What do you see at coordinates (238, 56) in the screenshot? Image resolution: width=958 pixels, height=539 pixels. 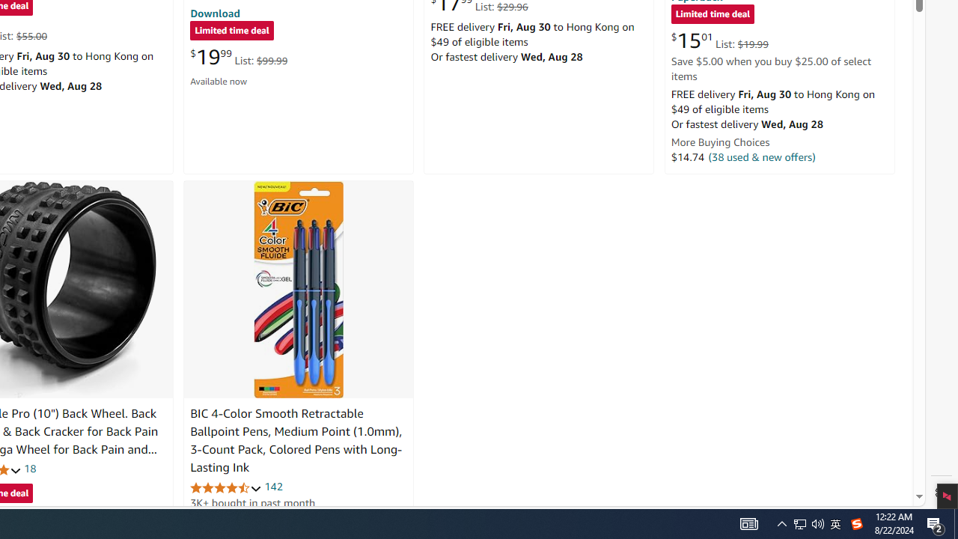 I see `'$19.99 List: $99.99'` at bounding box center [238, 56].